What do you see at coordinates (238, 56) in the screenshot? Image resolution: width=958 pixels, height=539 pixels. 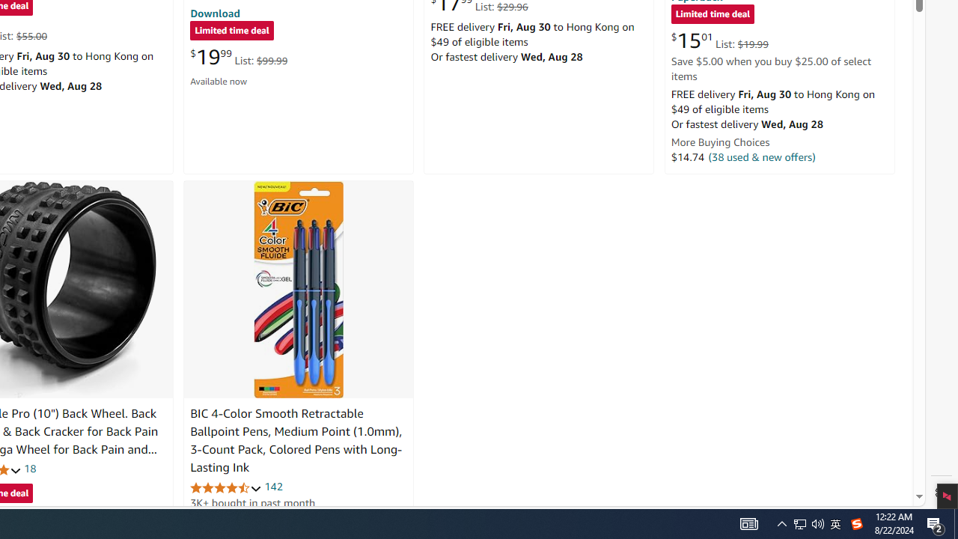 I see `'$19.99 List: $99.99'` at bounding box center [238, 56].